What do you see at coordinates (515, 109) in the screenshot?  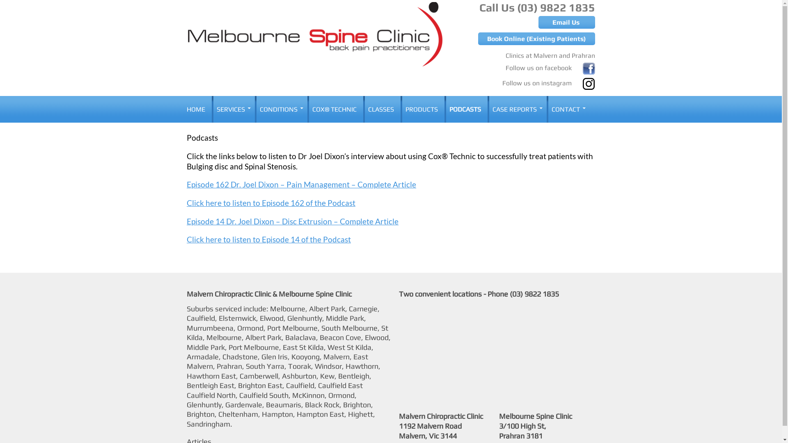 I see `'CASE REPORTS'` at bounding box center [515, 109].